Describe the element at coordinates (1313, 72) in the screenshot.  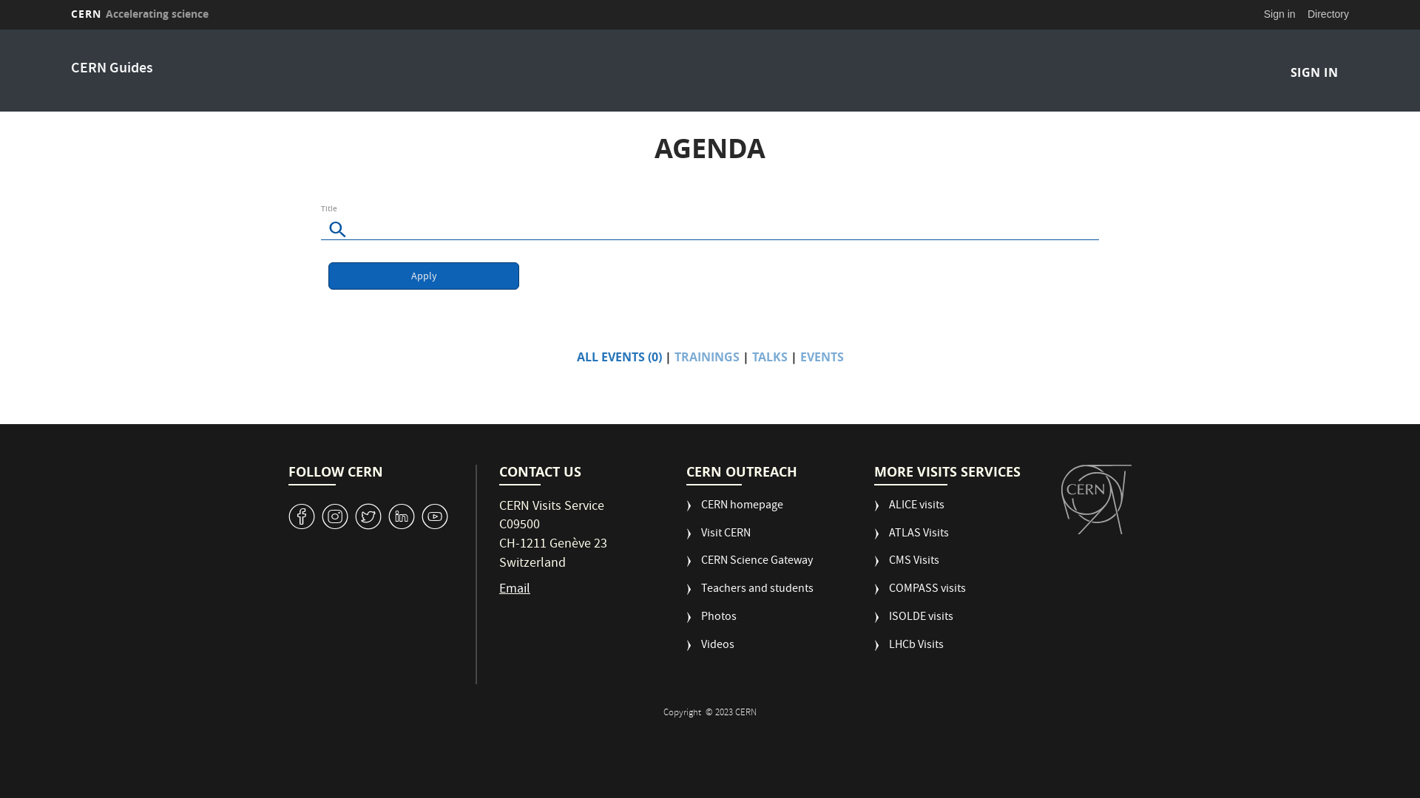
I see `'SIGN IN'` at that location.